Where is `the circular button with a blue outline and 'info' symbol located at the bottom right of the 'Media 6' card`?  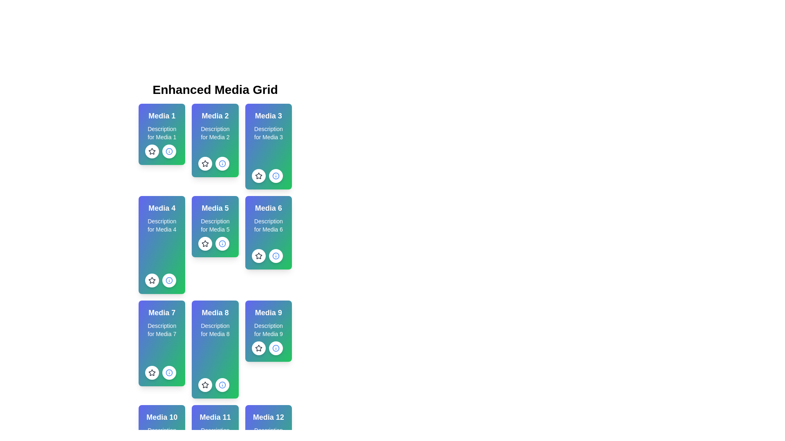
the circular button with a blue outline and 'info' symbol located at the bottom right of the 'Media 6' card is located at coordinates (276, 256).